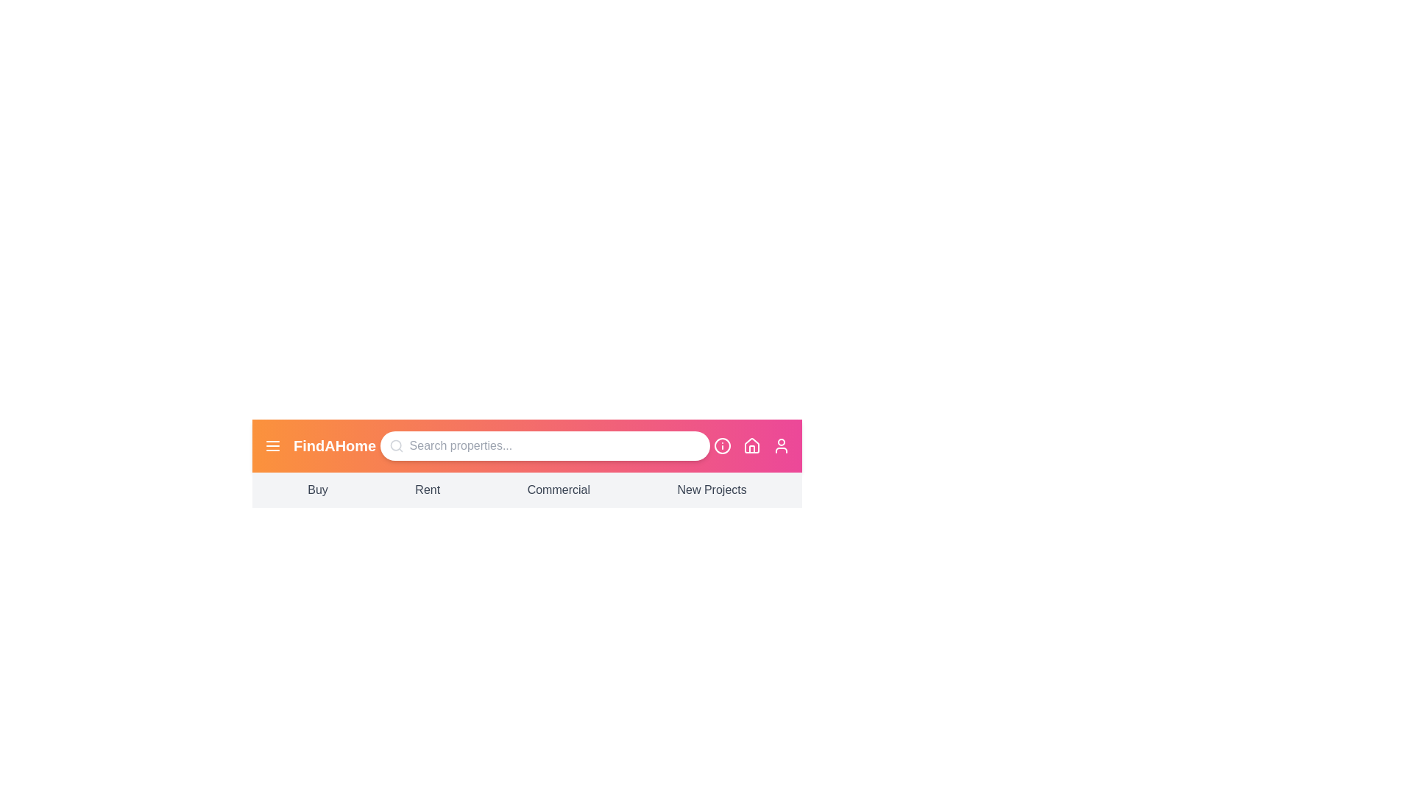  Describe the element at coordinates (557, 490) in the screenshot. I see `the property category Commercial by clicking on its respective label` at that location.